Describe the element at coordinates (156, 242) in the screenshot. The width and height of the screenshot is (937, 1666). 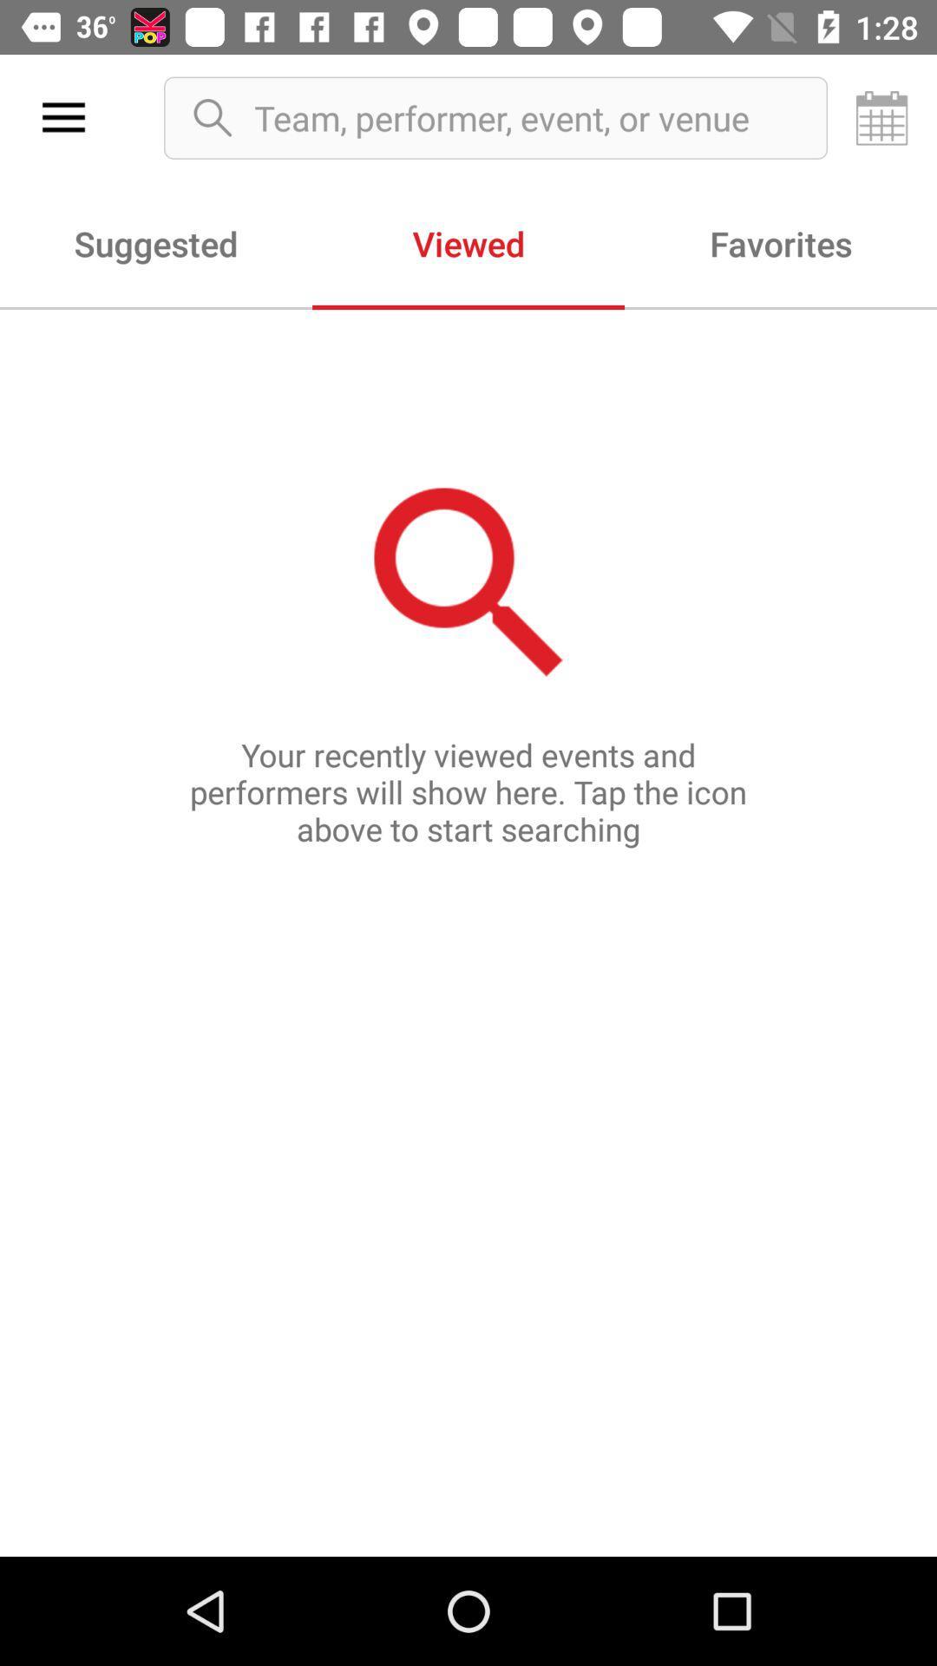
I see `suggested` at that location.